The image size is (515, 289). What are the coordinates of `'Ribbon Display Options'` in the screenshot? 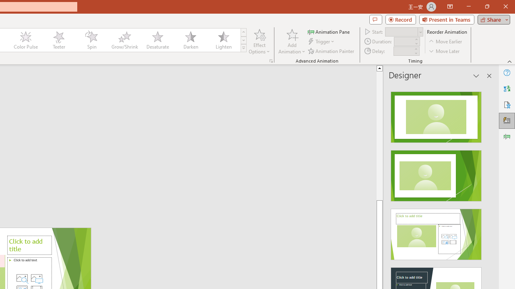 It's located at (449, 6).